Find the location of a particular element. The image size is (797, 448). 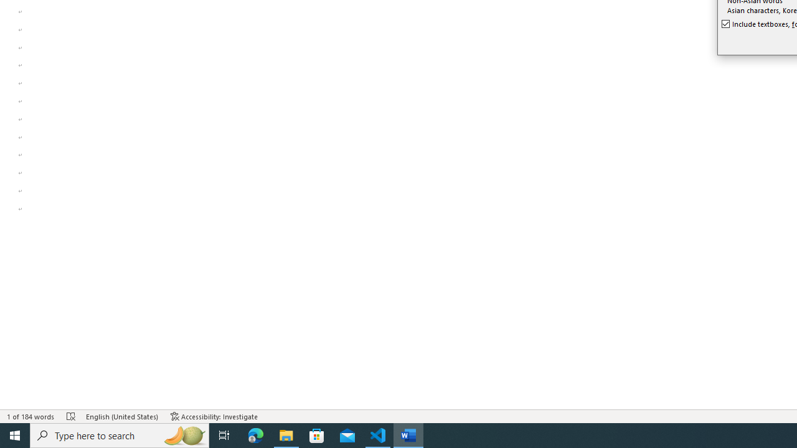

'Microsoft Edge' is located at coordinates (255, 434).